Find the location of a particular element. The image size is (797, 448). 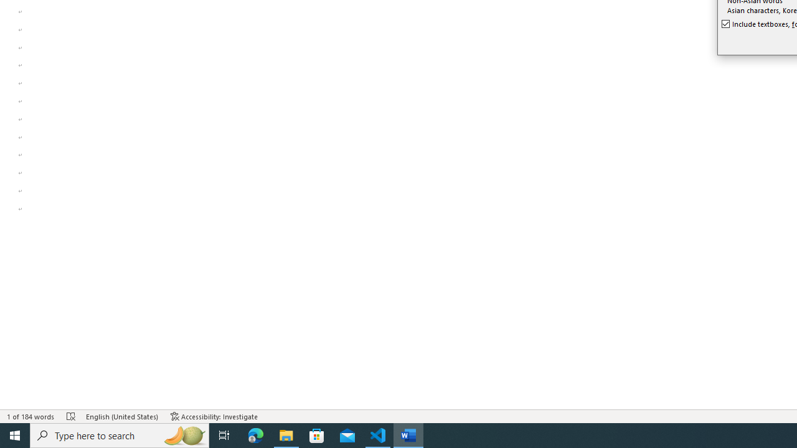

'Microsoft Edge' is located at coordinates (255, 434).